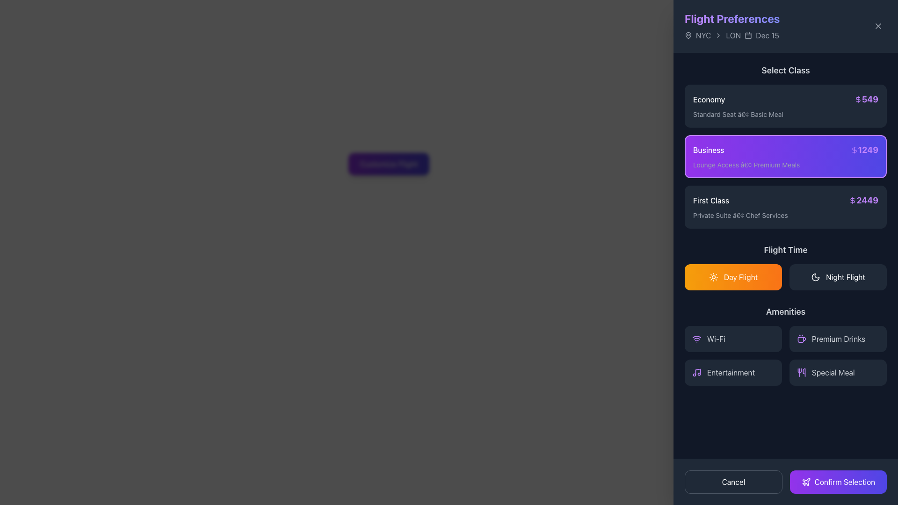 The image size is (898, 505). What do you see at coordinates (877, 26) in the screenshot?
I see `the 'X' shaped icon button located at the top-right corner of the 'Flight Preferences' panel` at bounding box center [877, 26].